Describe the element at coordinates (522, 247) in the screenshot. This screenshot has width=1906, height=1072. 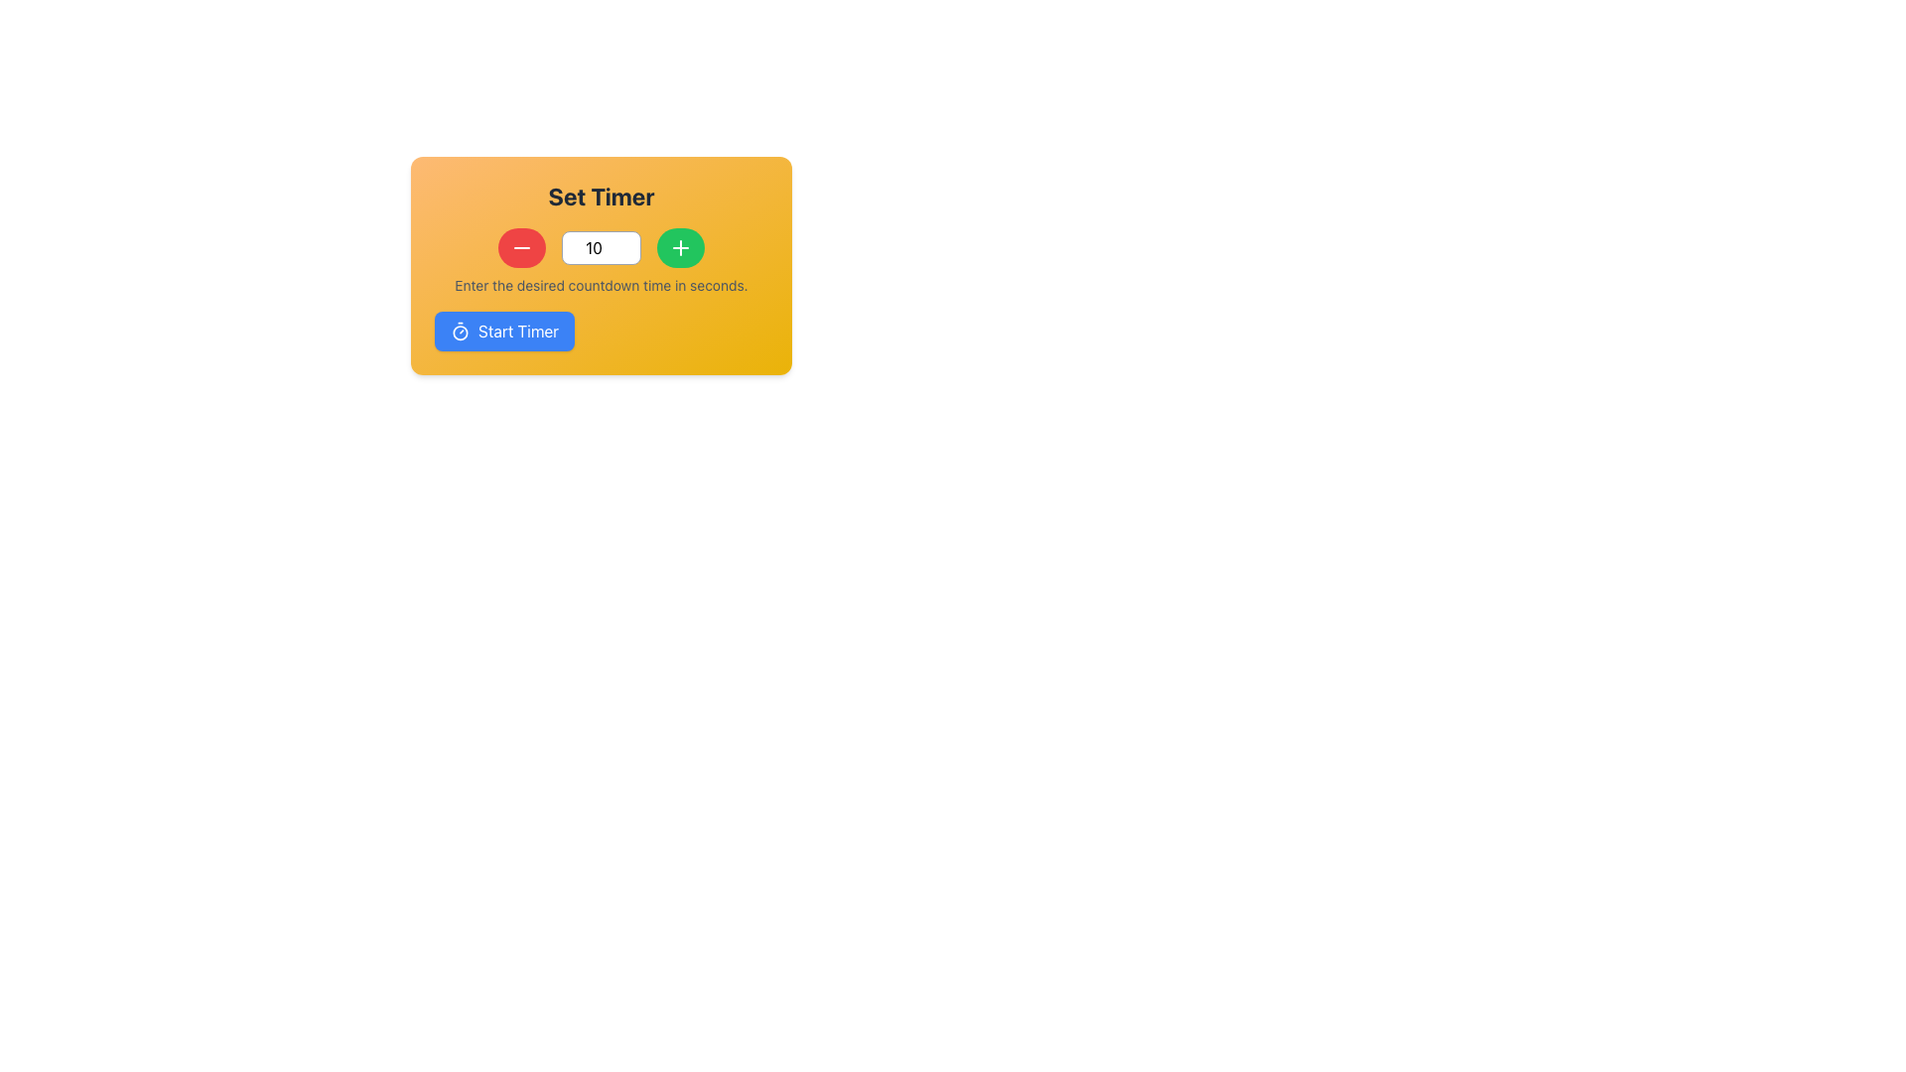
I see `decrement button located to the left of the white text input box, which decreases the numerical value when clicked` at that location.